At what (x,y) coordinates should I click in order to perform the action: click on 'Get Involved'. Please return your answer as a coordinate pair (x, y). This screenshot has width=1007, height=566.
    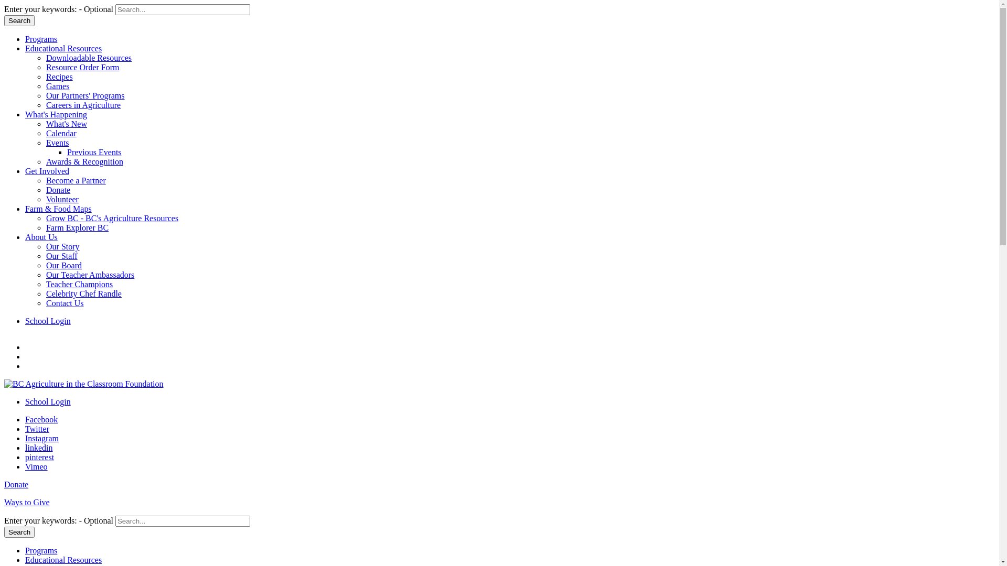
    Looking at the image, I should click on (47, 170).